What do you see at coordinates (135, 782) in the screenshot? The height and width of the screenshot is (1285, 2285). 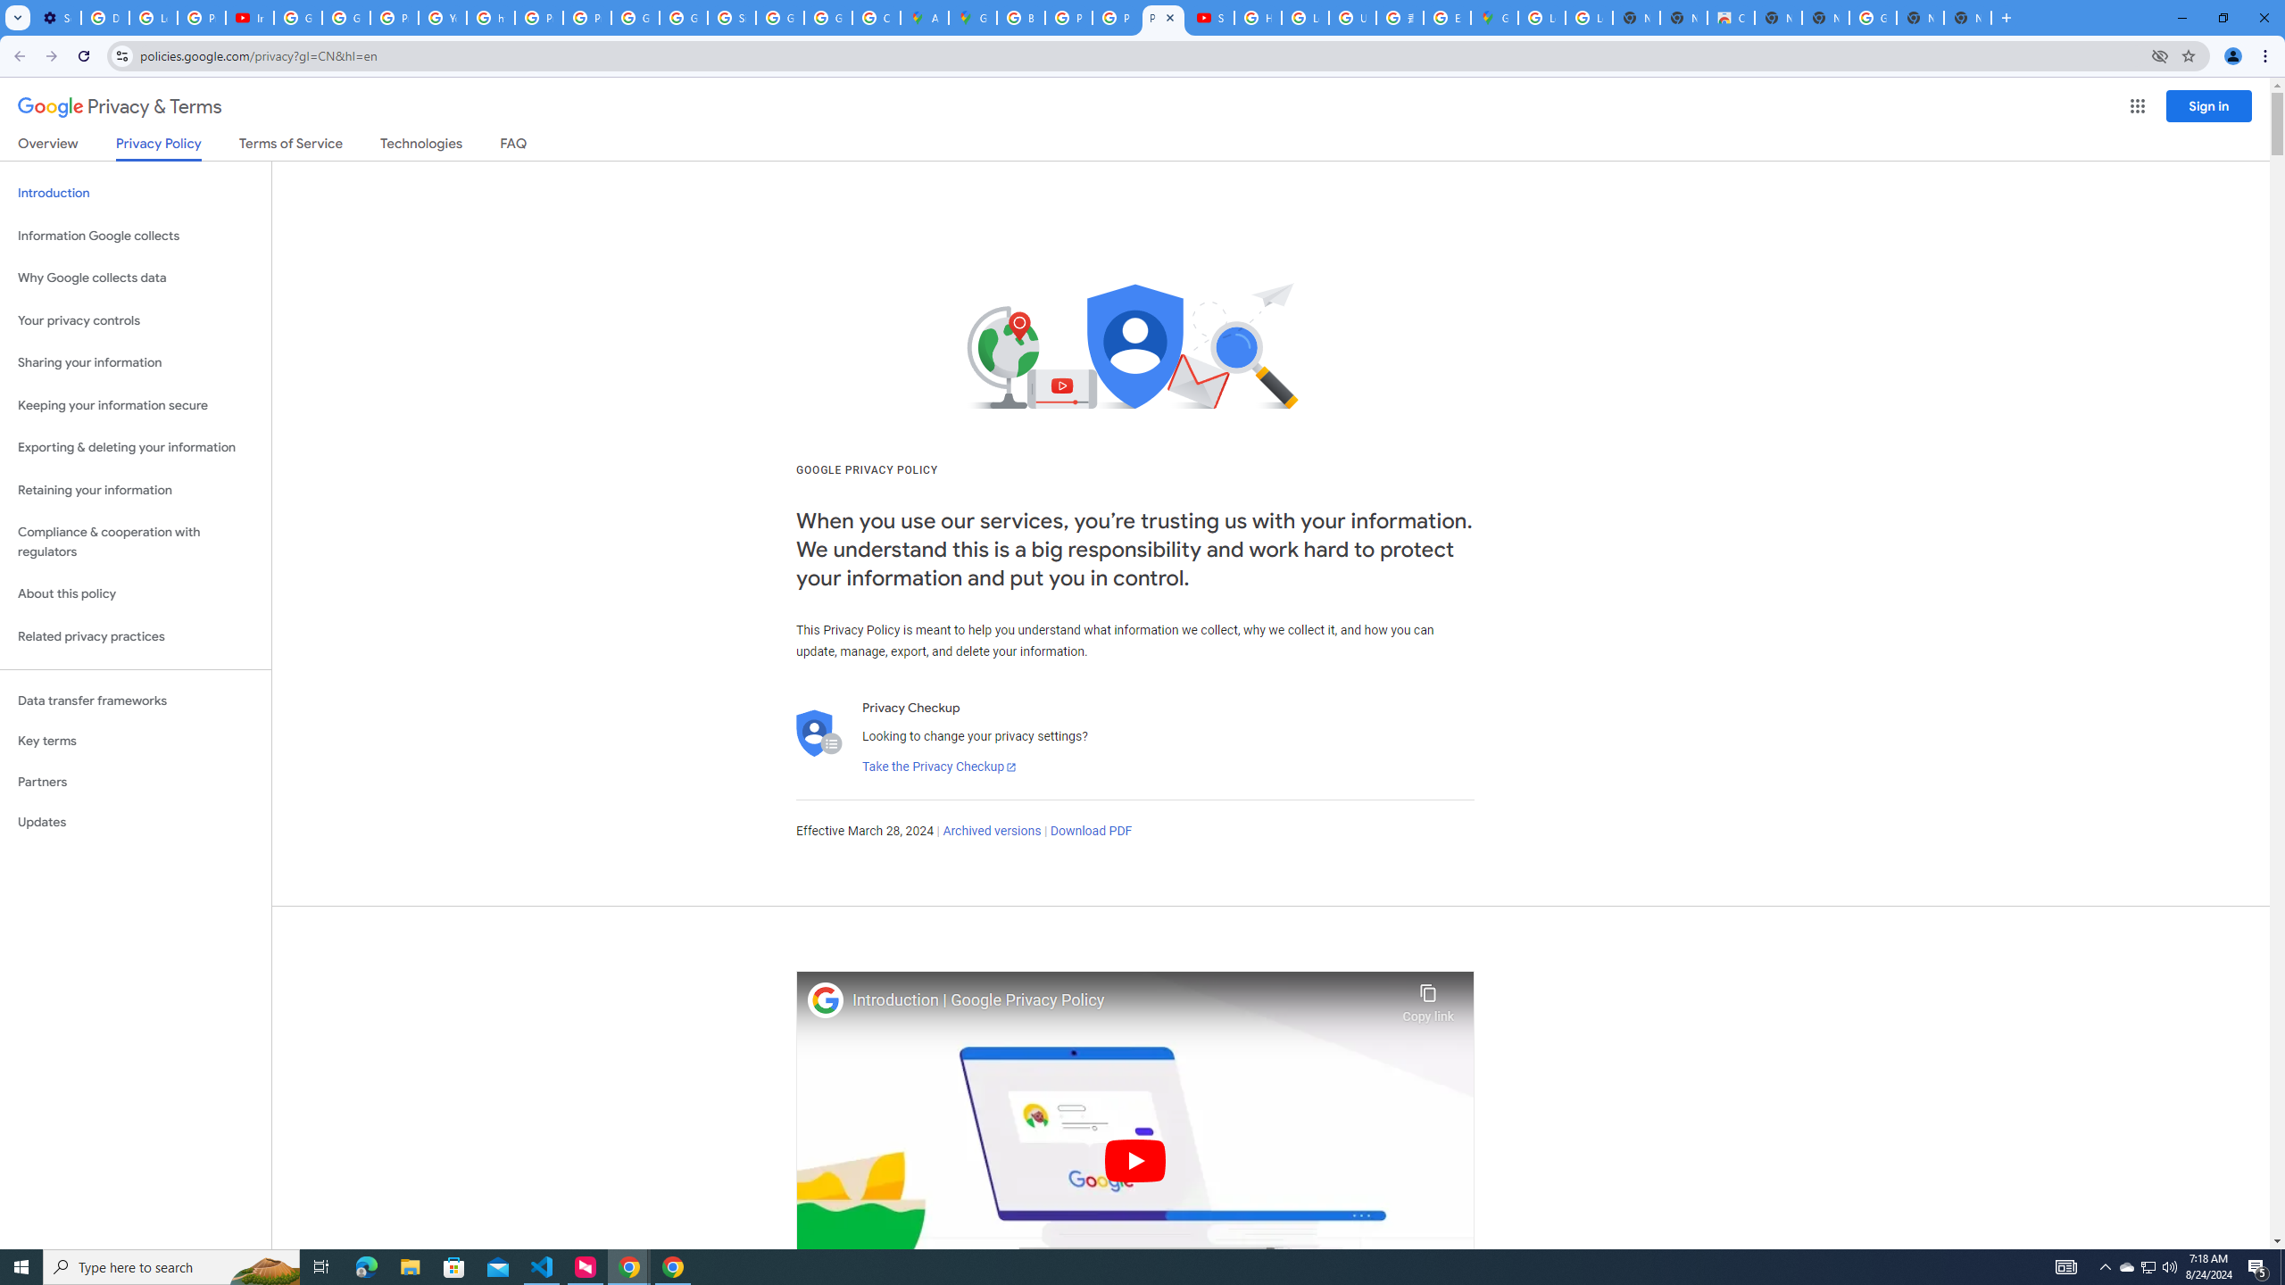 I see `'Partners'` at bounding box center [135, 782].